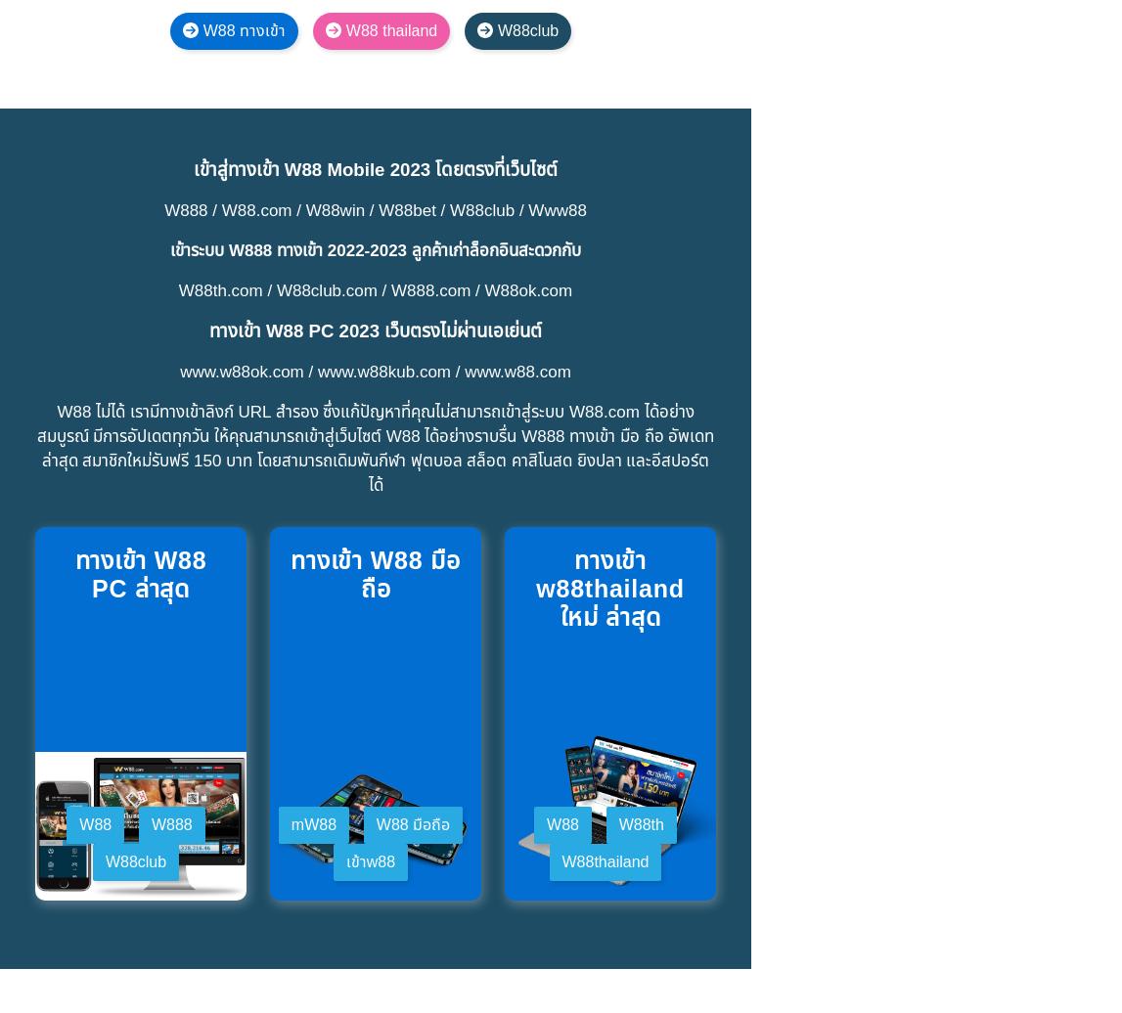  Describe the element at coordinates (332, 410) in the screenshot. I see `'แชทสดบนเว็บไซต์,'` at that location.